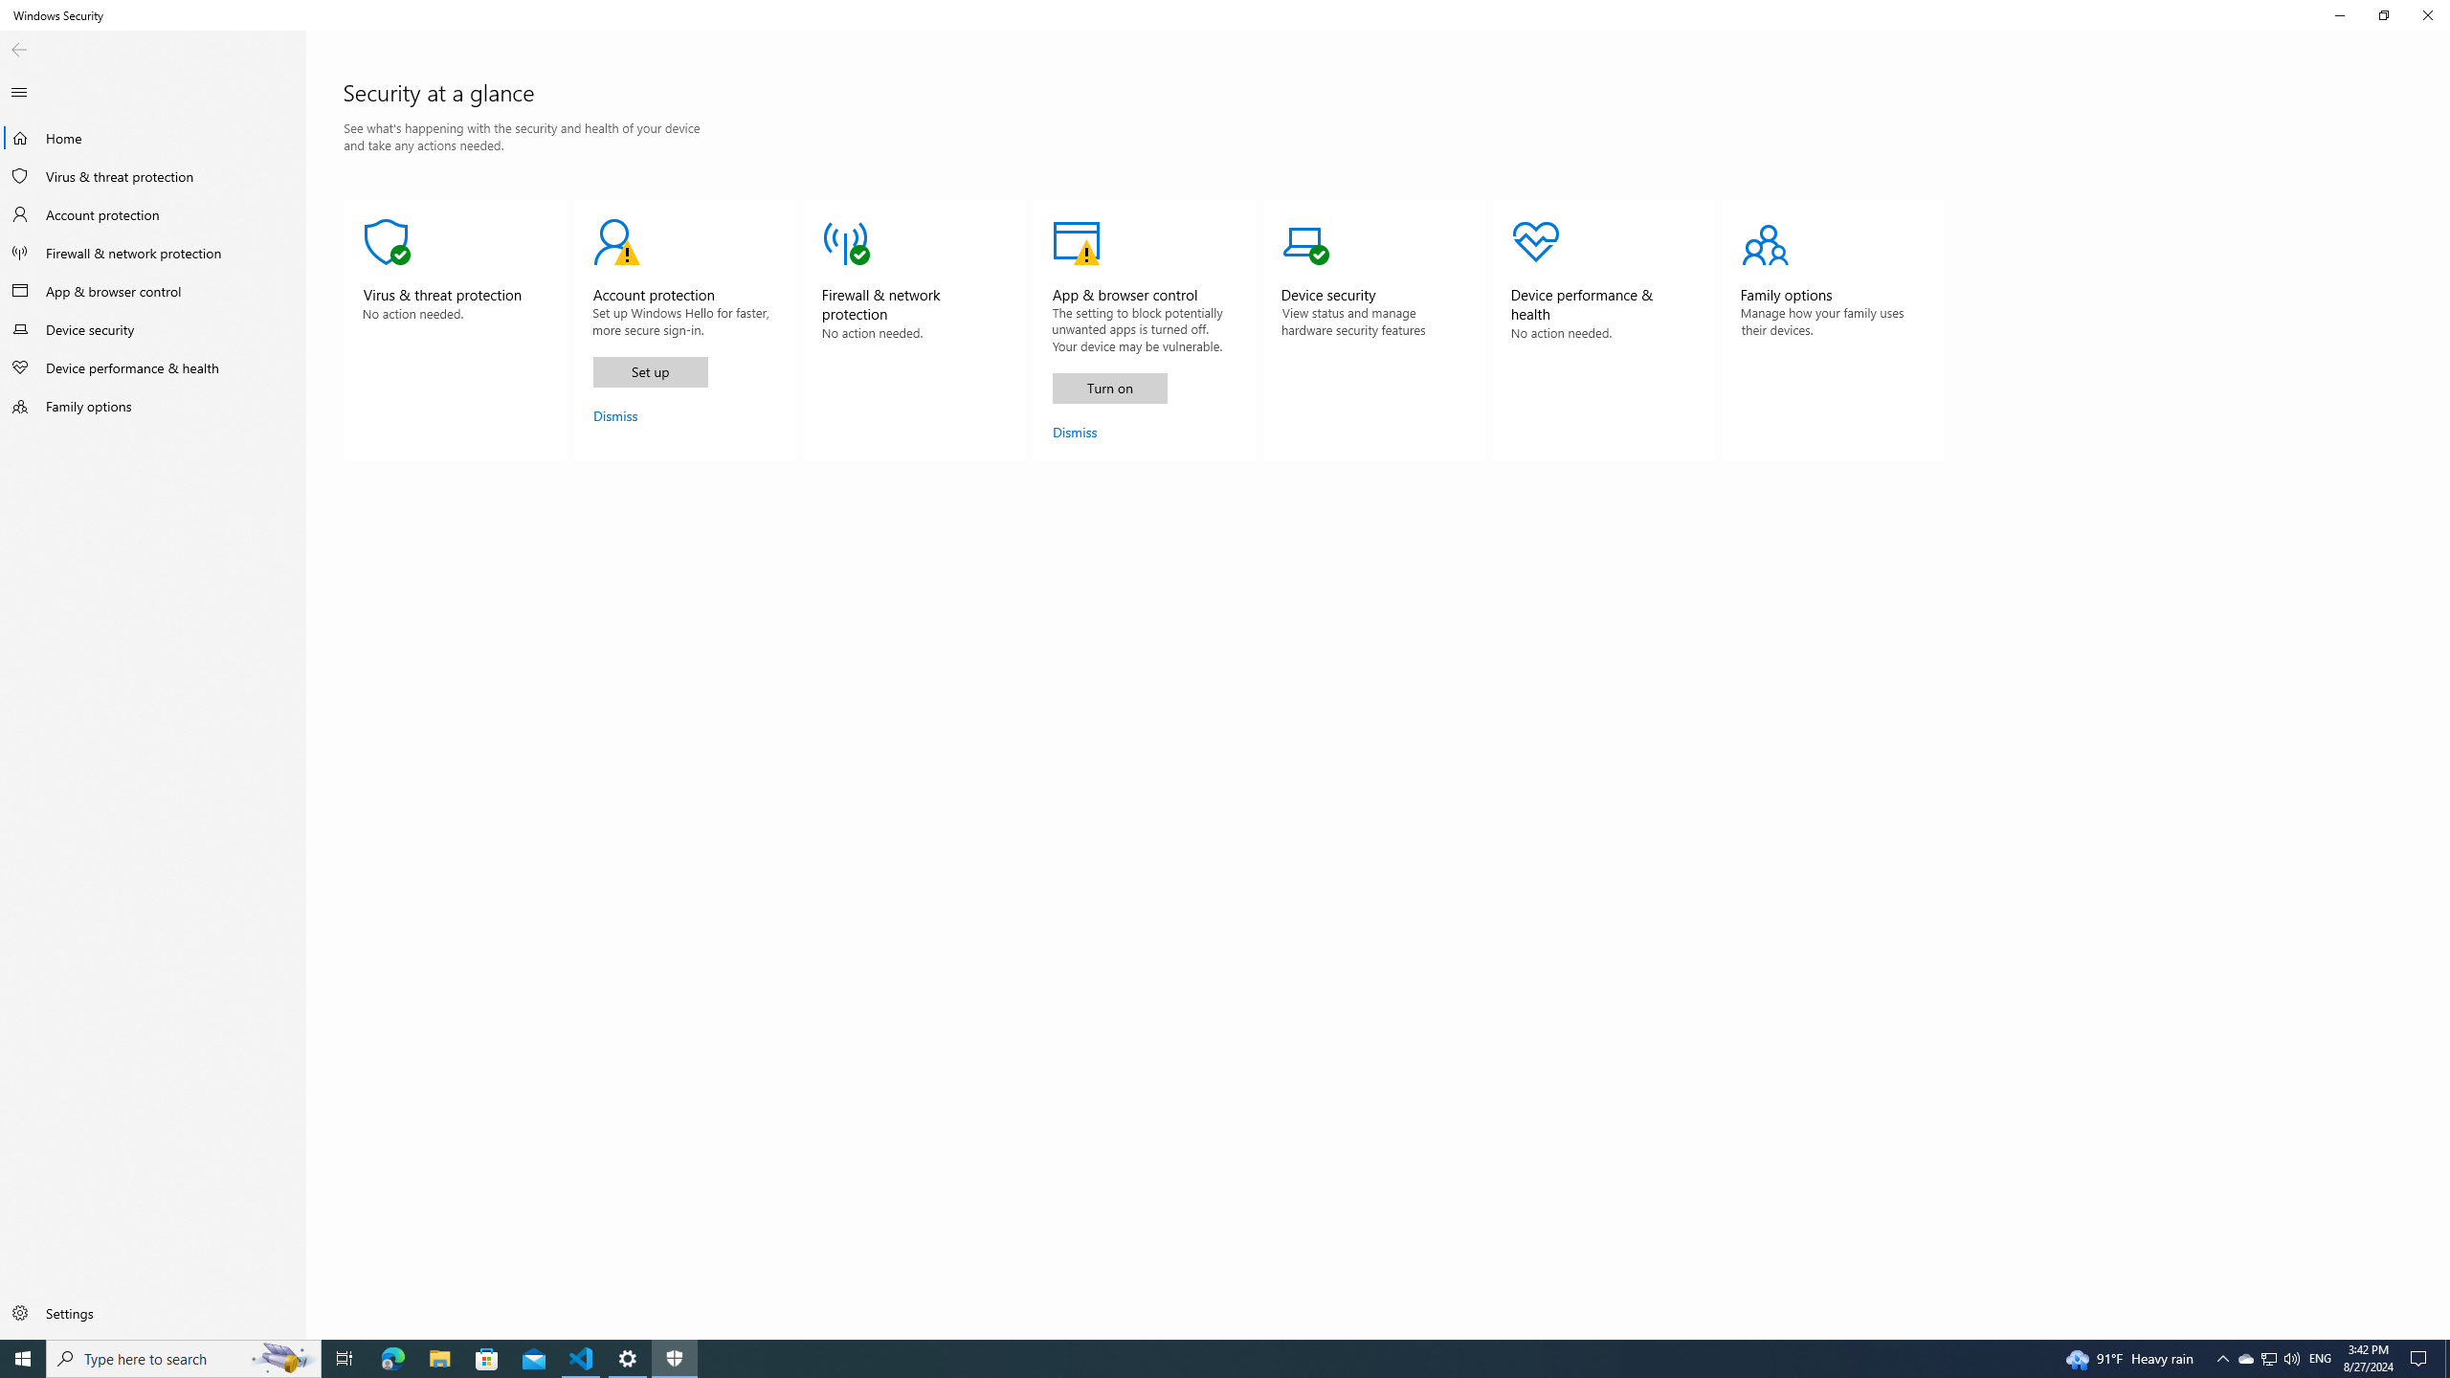 Image resolution: width=2450 pixels, height=1378 pixels. I want to click on 'Device performance & healthNo action needed.', so click(1603, 329).